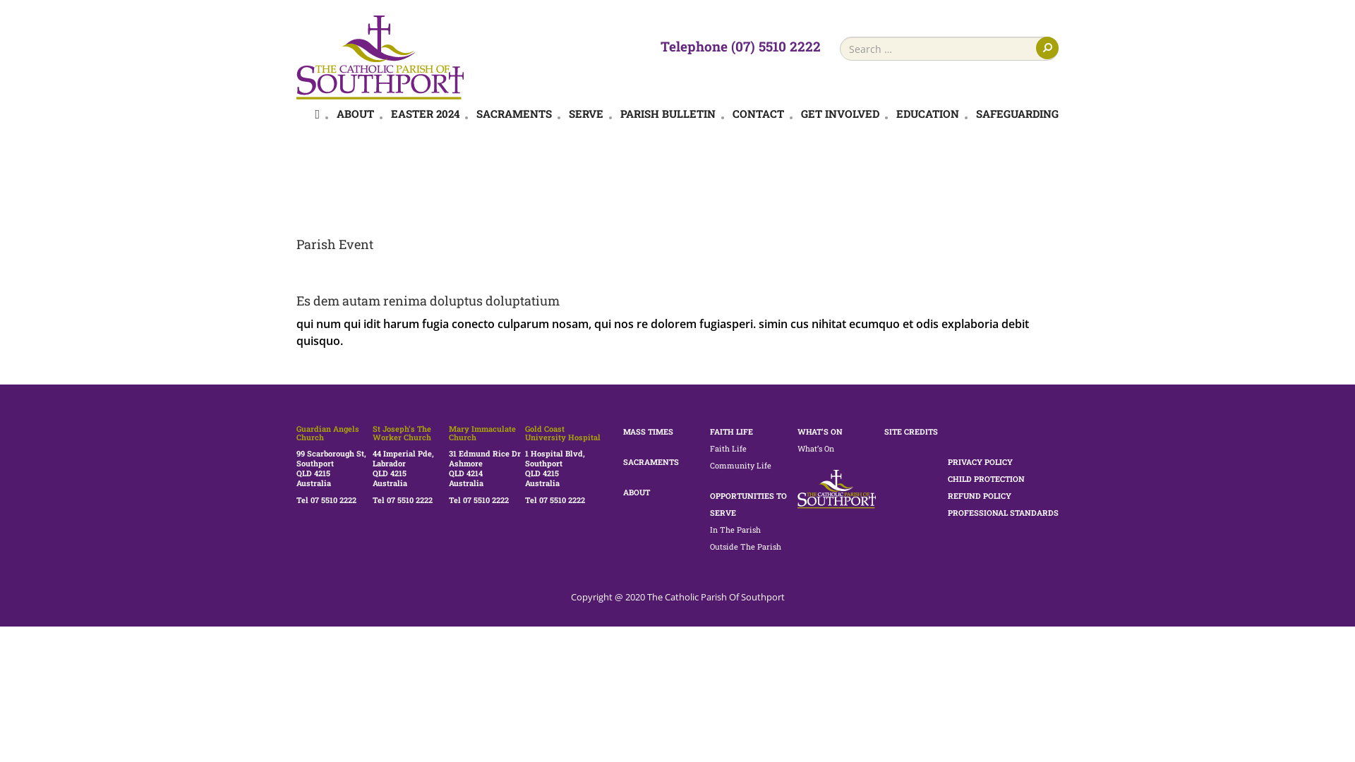 The width and height of the screenshot is (1355, 762). What do you see at coordinates (424, 113) in the screenshot?
I see `'EASTER 2024'` at bounding box center [424, 113].